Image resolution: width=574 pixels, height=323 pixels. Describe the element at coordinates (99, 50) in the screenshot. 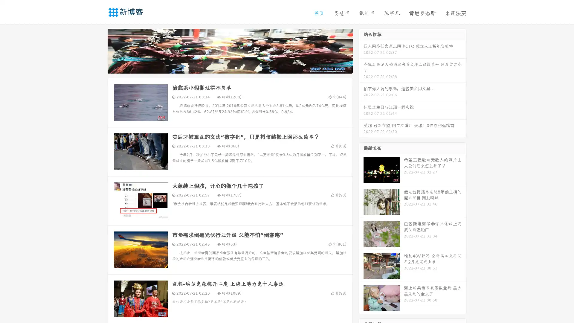

I see `Previous slide` at that location.